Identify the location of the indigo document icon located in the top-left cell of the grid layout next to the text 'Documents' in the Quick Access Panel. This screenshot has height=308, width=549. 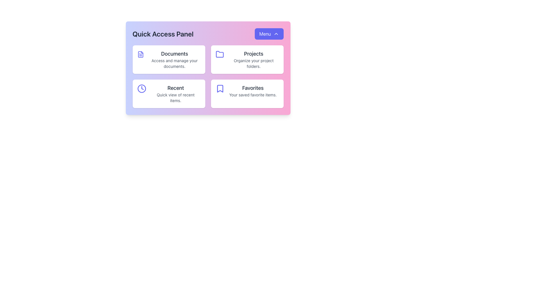
(140, 54).